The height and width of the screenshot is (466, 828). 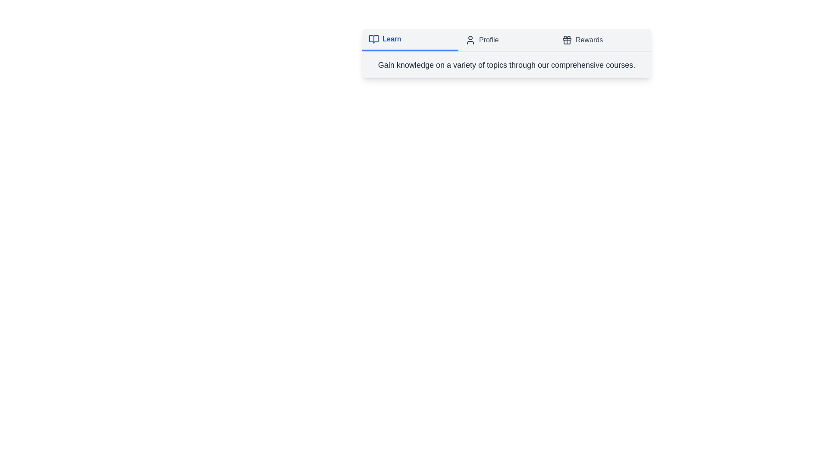 I want to click on the tab labeled 'Rewards', so click(x=602, y=40).